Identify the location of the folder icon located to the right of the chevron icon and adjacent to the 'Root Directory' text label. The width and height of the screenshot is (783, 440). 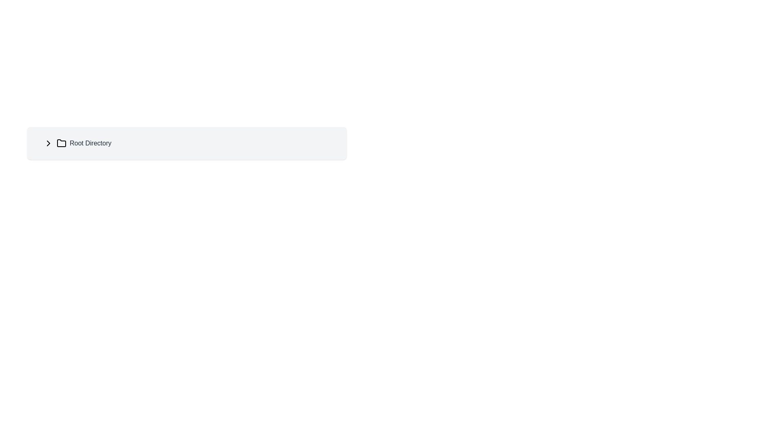
(61, 143).